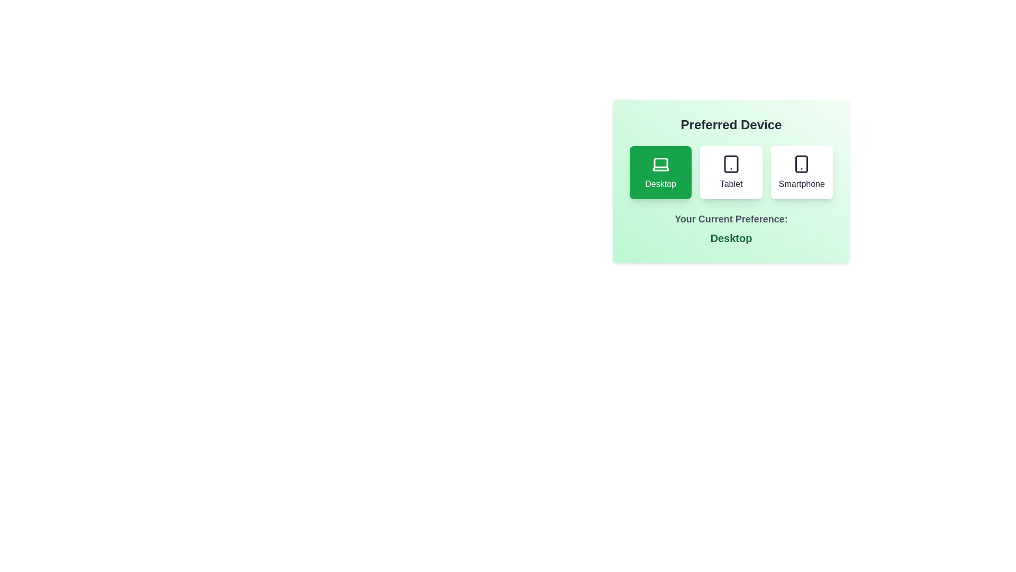 The image size is (1016, 572). What do you see at coordinates (802, 172) in the screenshot?
I see `the preferred device by clicking on the corresponding button for Smartphone` at bounding box center [802, 172].